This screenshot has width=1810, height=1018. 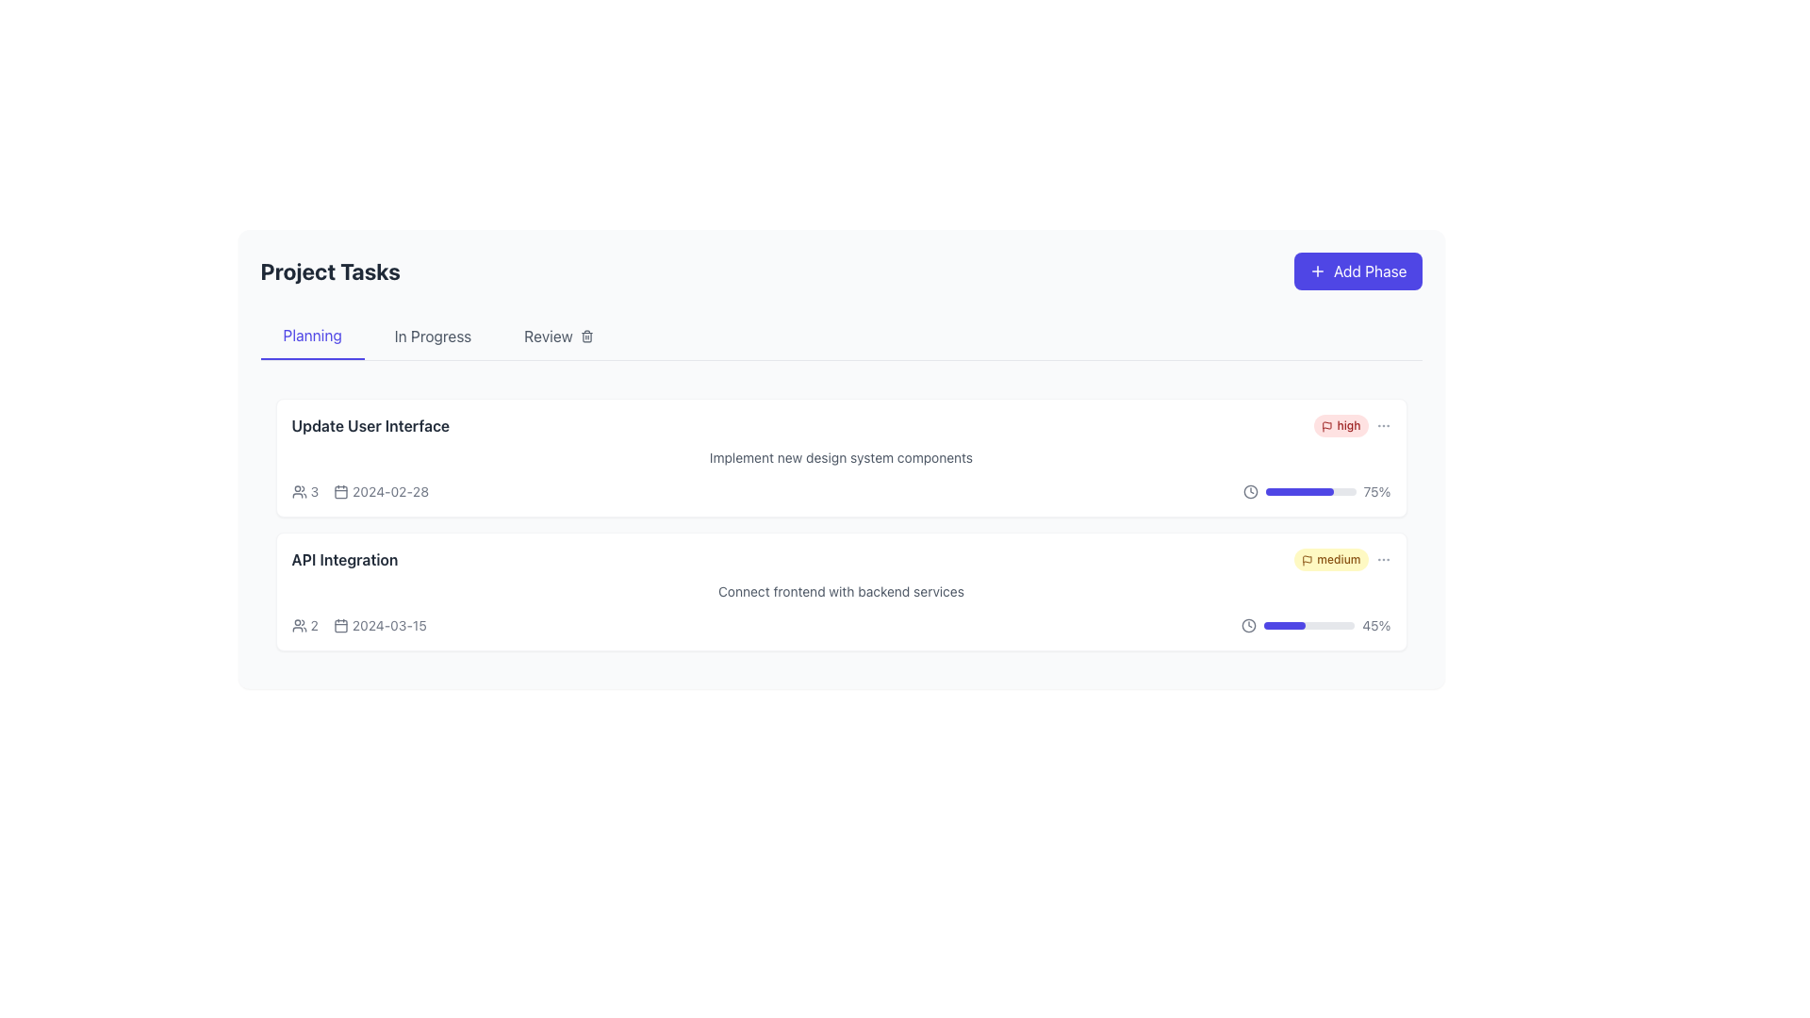 I want to click on the button in the top-right corner of the 'Project Tasks' section, so click(x=1357, y=271).